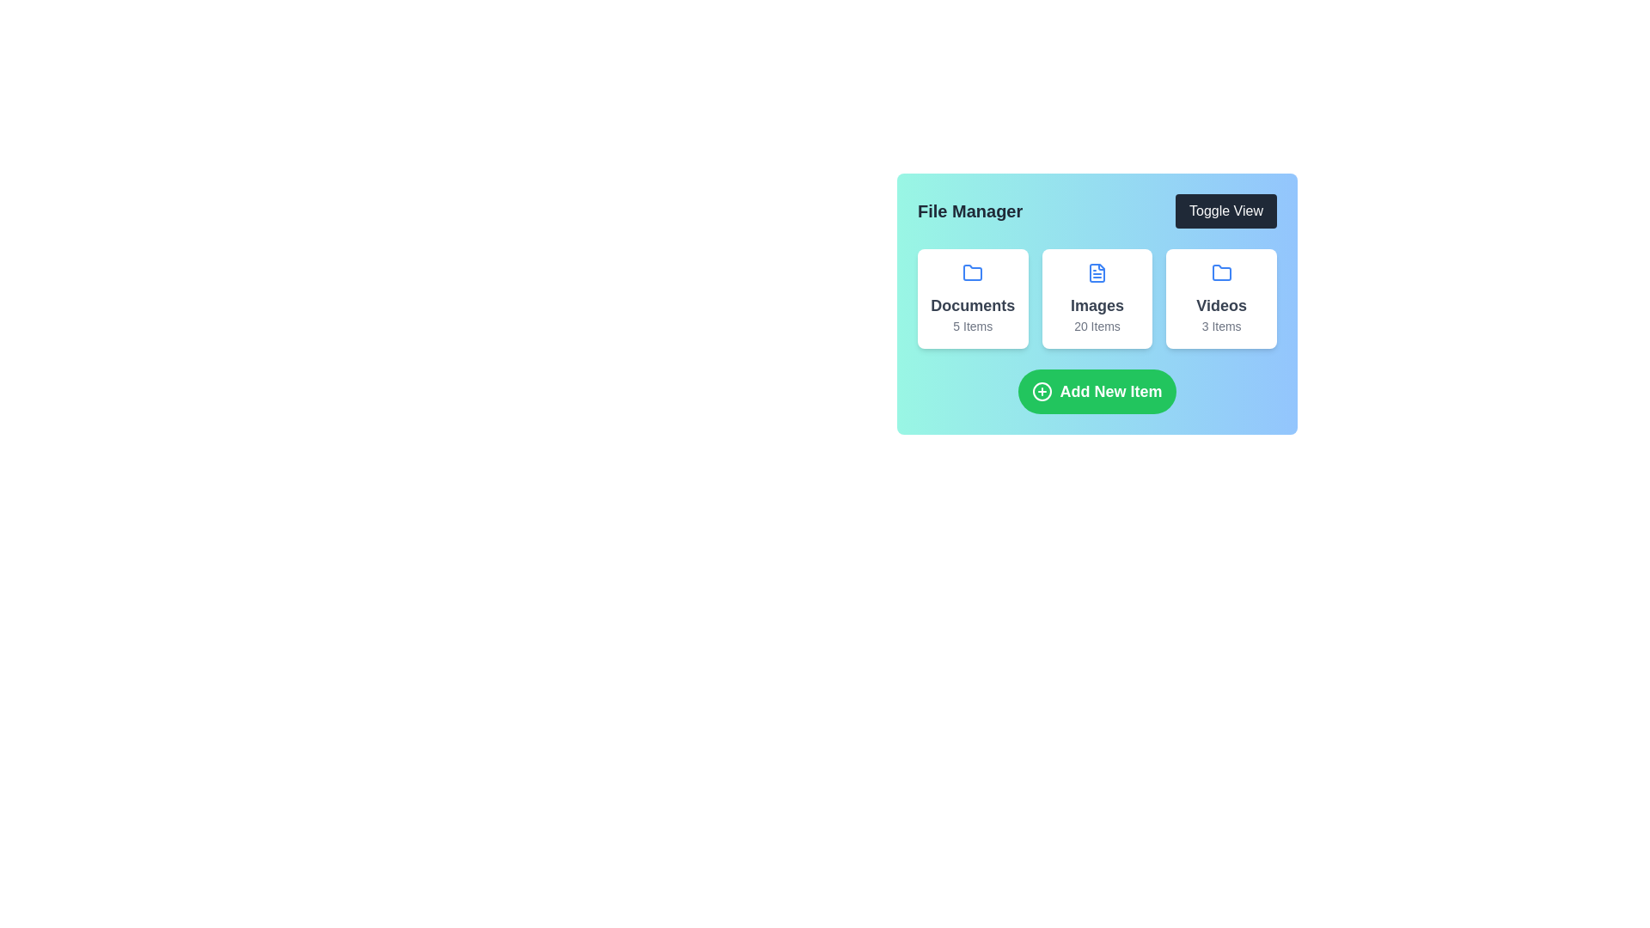  What do you see at coordinates (1096, 391) in the screenshot?
I see `the green rounded rectangular button labeled 'Add New Item' for accessibility` at bounding box center [1096, 391].